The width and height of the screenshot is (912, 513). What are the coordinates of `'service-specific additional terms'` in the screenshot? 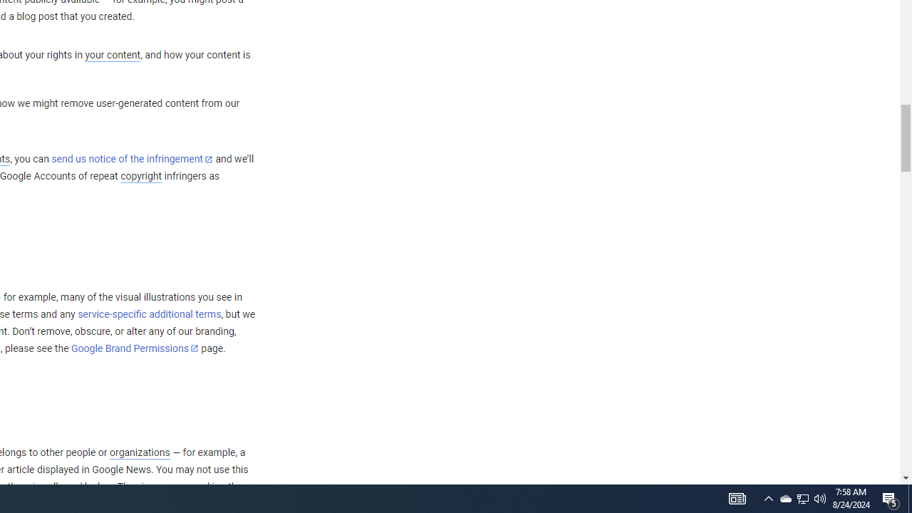 It's located at (149, 313).